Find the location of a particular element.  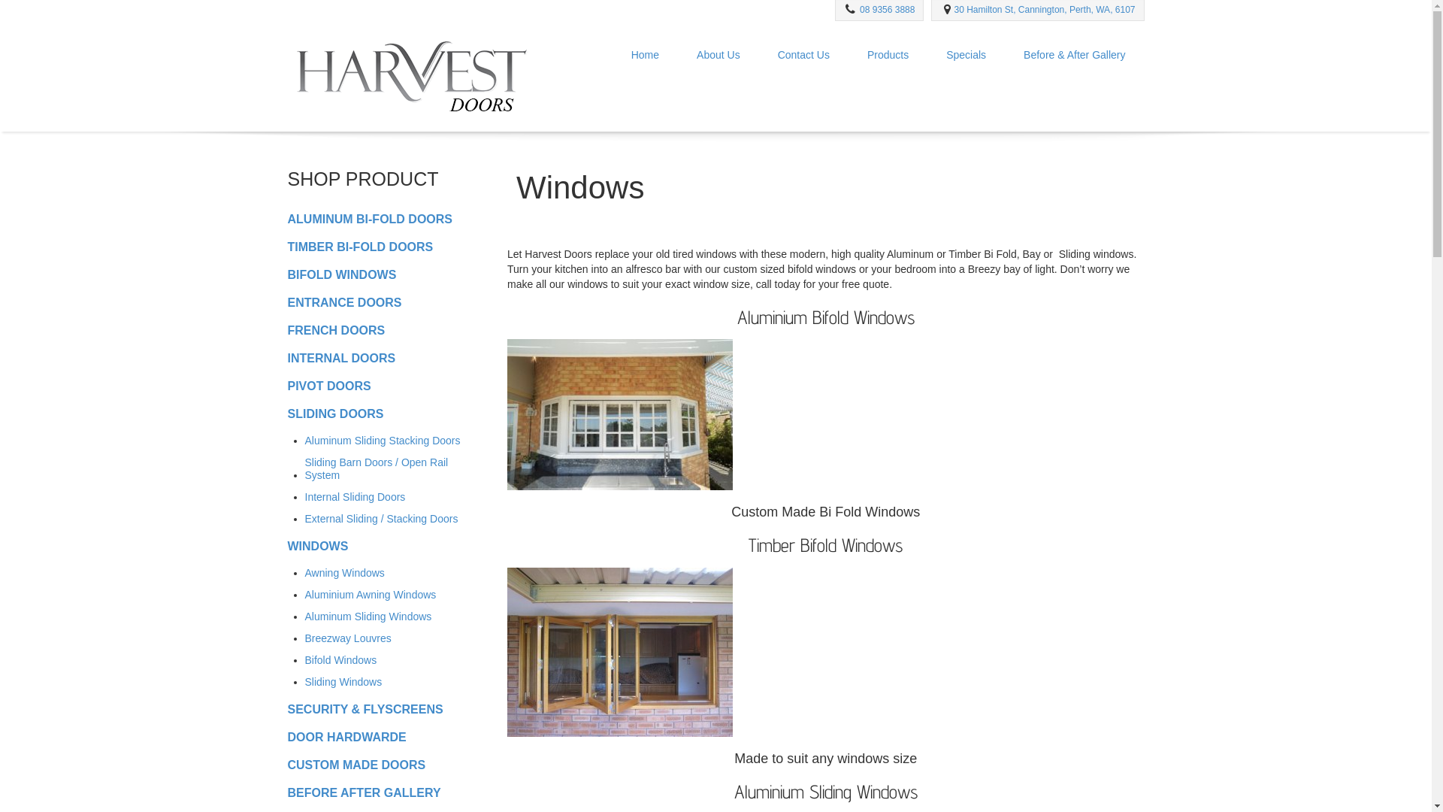

'PIVOT DOORS' is located at coordinates (328, 384).